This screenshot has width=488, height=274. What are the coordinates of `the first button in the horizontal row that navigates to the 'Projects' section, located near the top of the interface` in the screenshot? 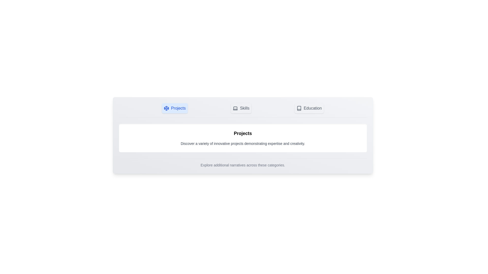 It's located at (175, 108).